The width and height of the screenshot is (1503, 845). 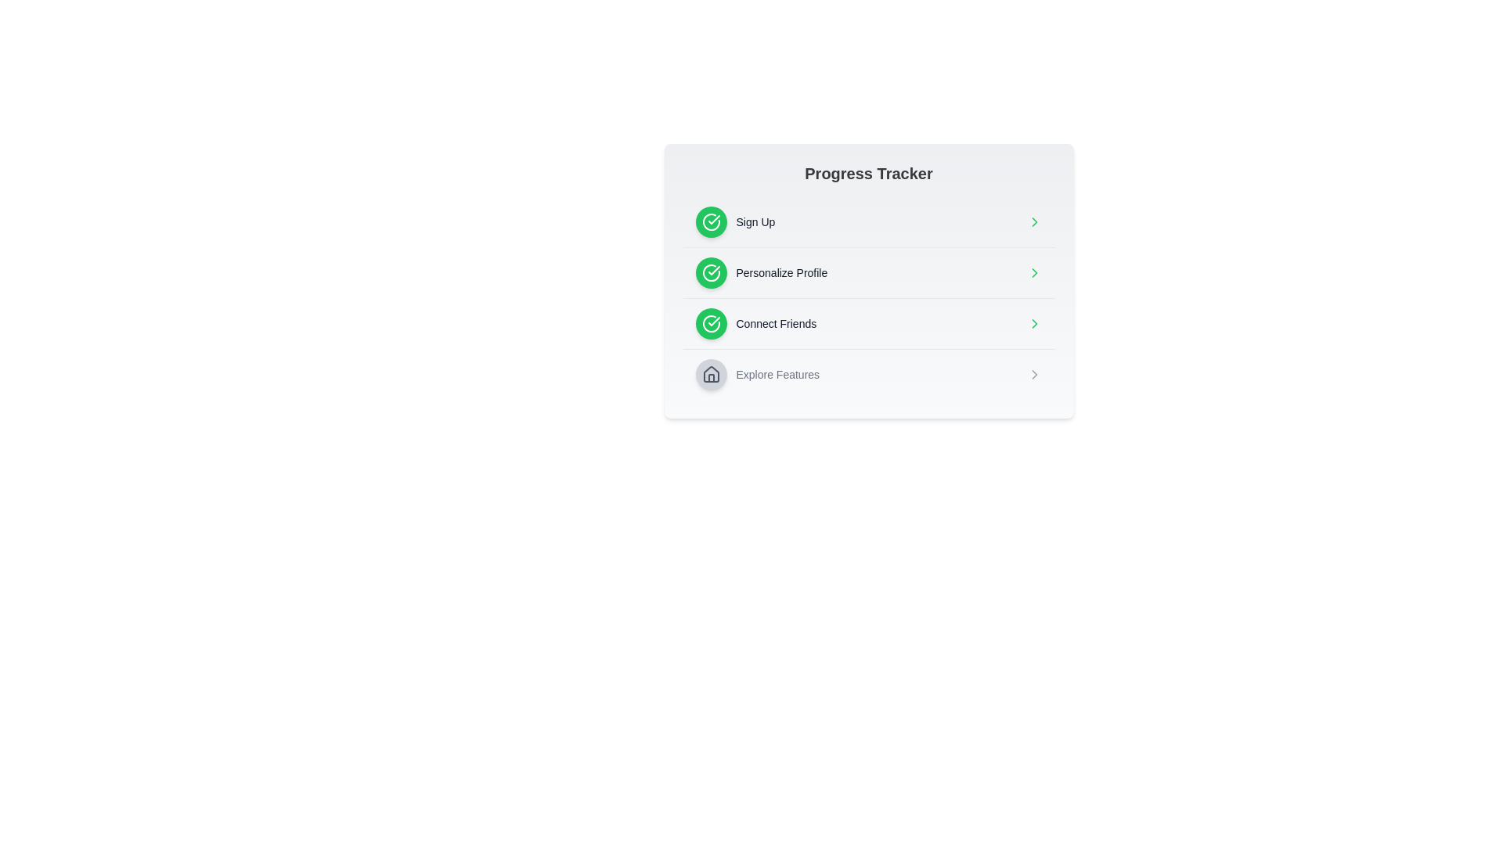 What do you see at coordinates (710, 222) in the screenshot?
I see `the circular status indicator with a green background and white checkmark icon, located to the left of the 'Sign Up' label in the 'Progress Tracker' section` at bounding box center [710, 222].